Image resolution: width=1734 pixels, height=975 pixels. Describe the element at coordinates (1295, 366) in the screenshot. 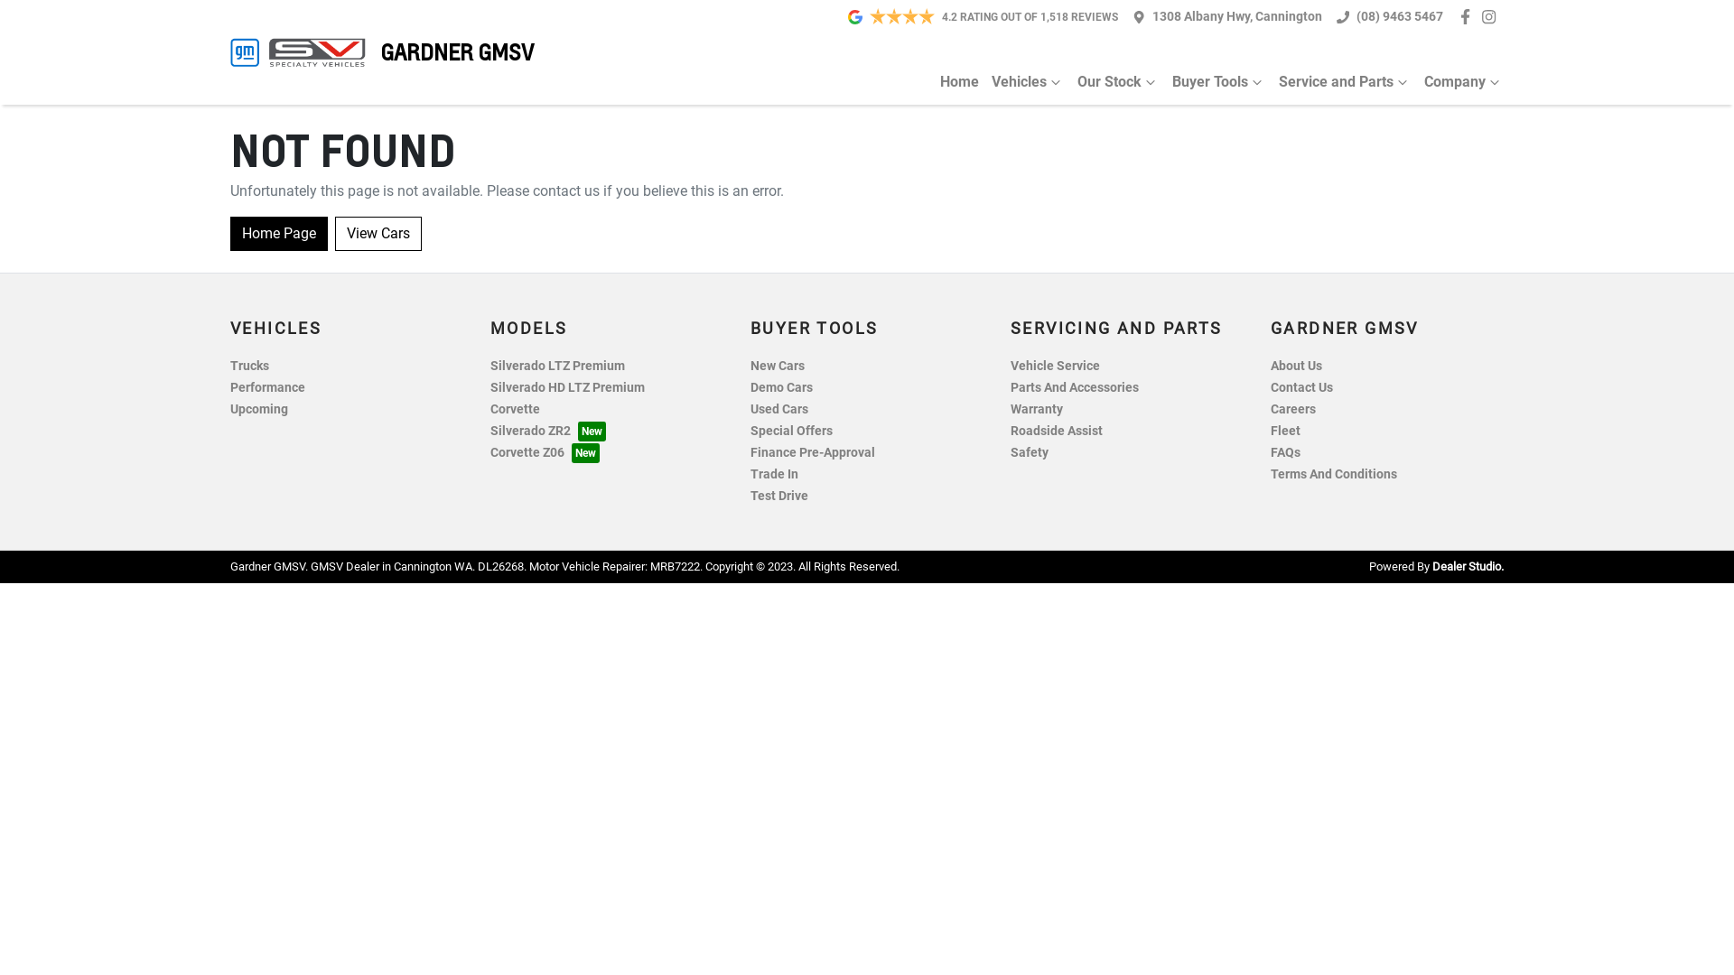

I see `'About Us'` at that location.